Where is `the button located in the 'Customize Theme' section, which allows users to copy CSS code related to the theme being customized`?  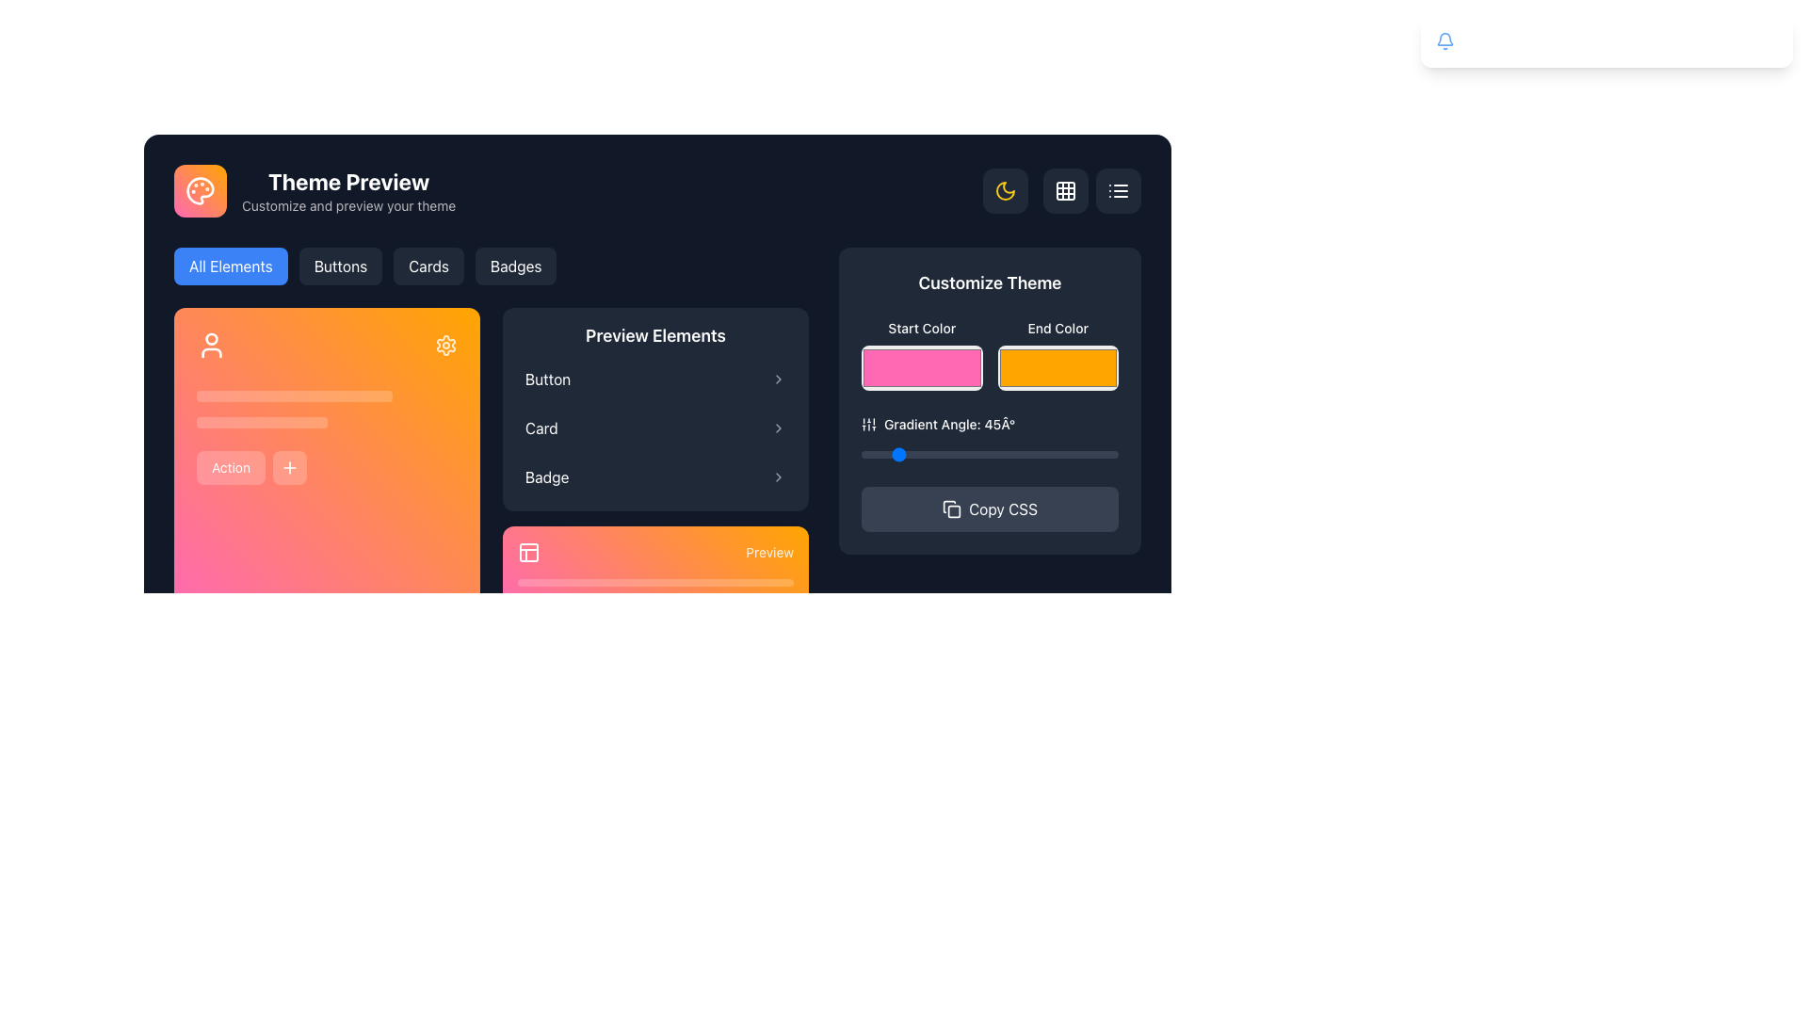 the button located in the 'Customize Theme' section, which allows users to copy CSS code related to the theme being customized is located at coordinates (1002, 508).